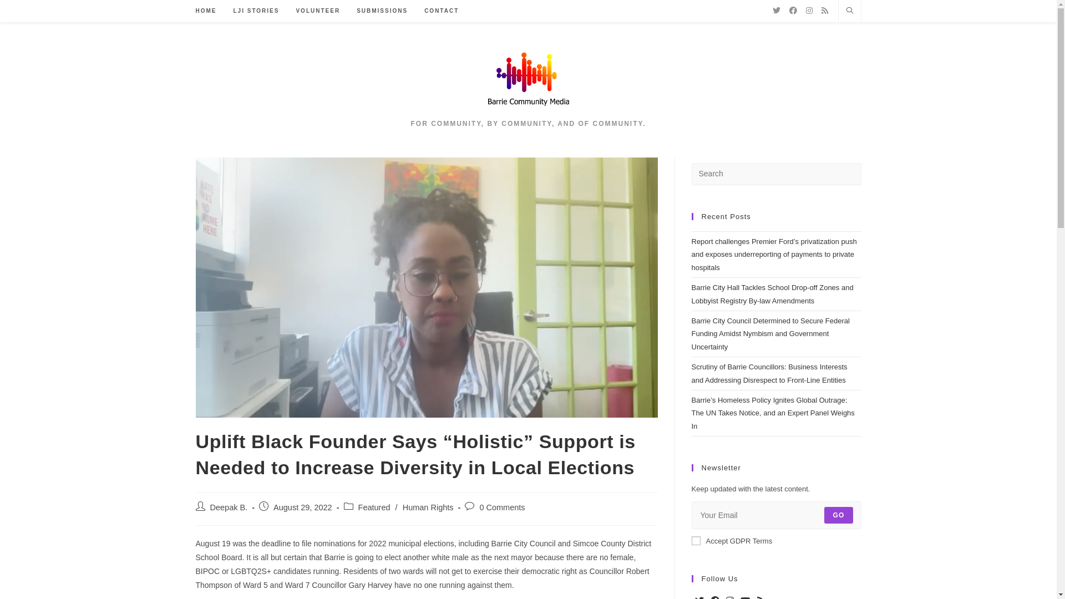 The image size is (1065, 599). Describe the element at coordinates (374, 507) in the screenshot. I see `'Featured'` at that location.